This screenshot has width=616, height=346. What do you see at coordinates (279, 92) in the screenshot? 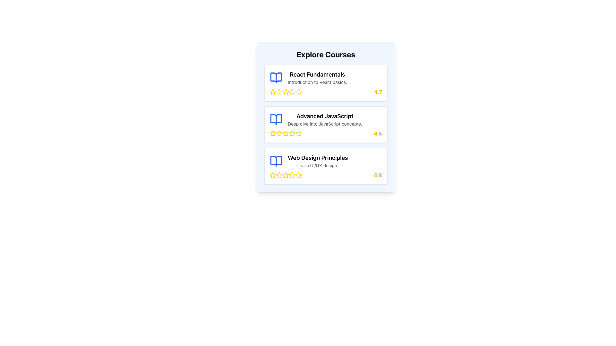
I see `the yellow star icon representing an individual rating point for the course 'React Fundamentals', which is the third star in a row of five stars` at bounding box center [279, 92].